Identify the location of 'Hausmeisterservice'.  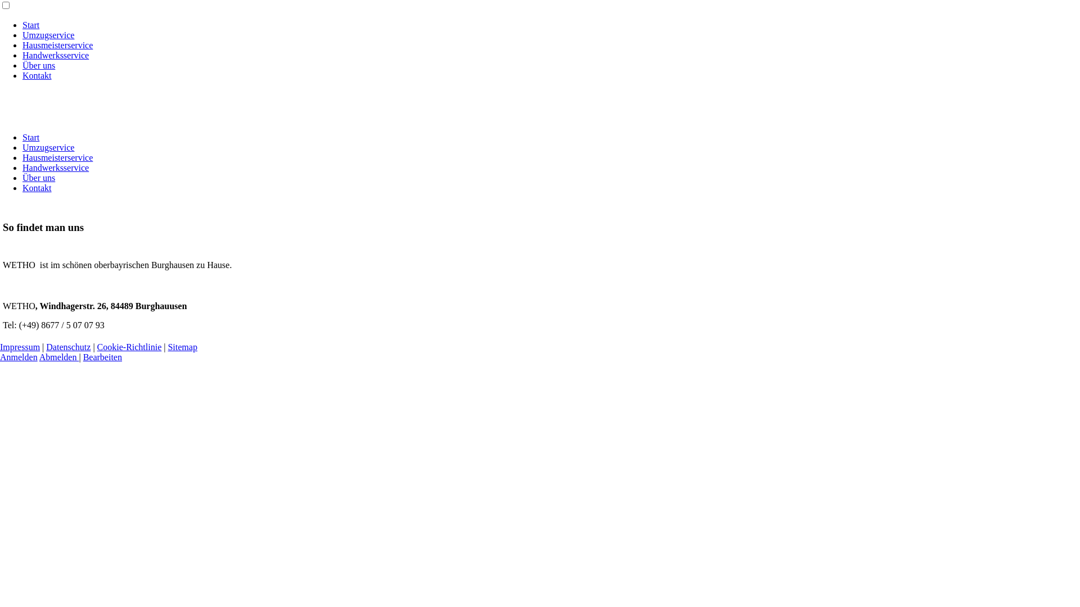
(57, 157).